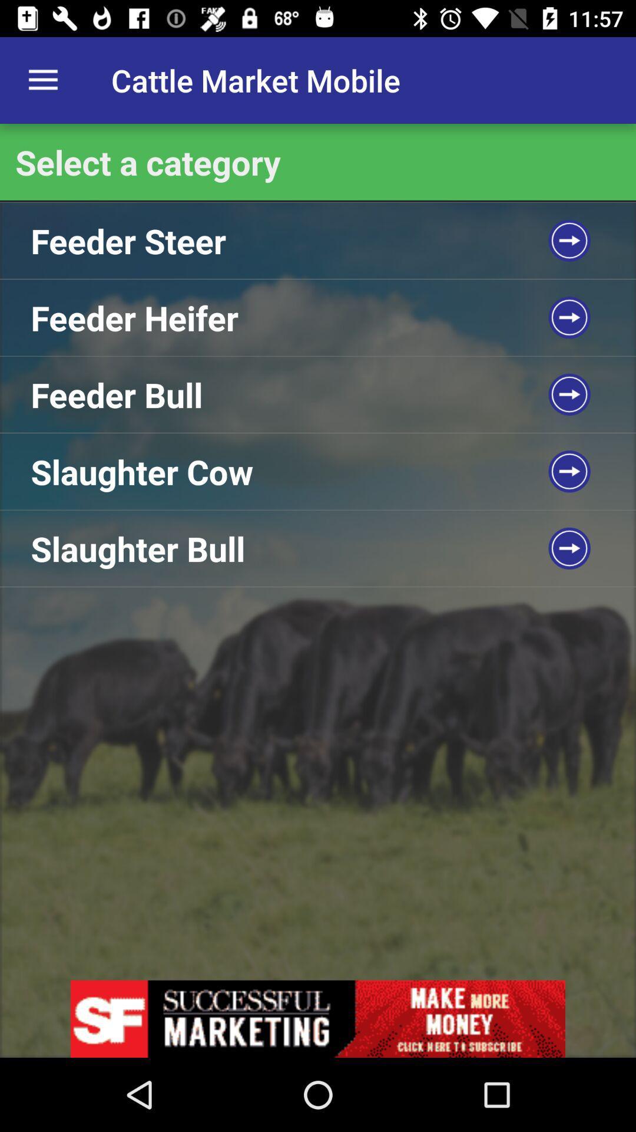 This screenshot has width=636, height=1132. I want to click on this is an advertisement, so click(318, 1018).